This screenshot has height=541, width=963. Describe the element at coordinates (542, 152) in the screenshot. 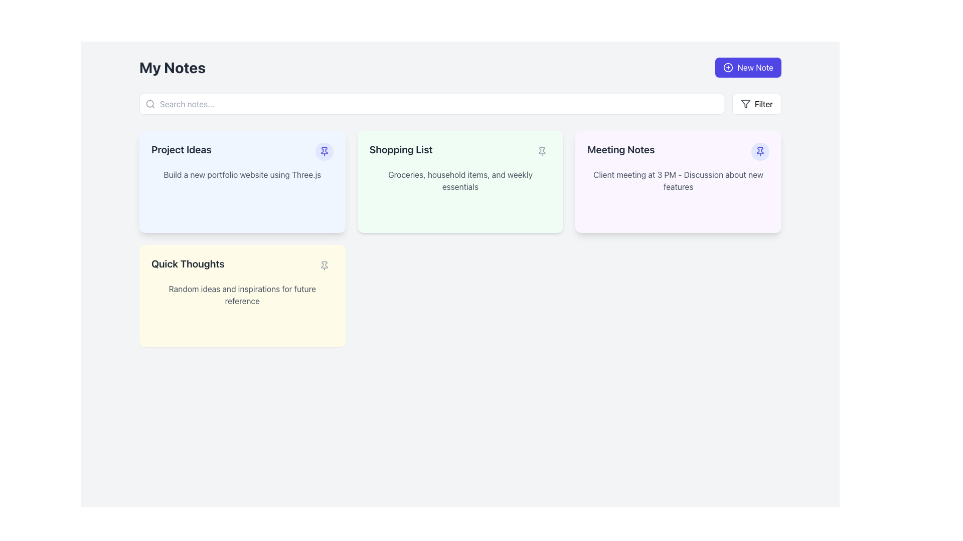

I see `the pin icon button located at the top-right corner of the 'Shopping List' section to trigger a visual effect` at that location.